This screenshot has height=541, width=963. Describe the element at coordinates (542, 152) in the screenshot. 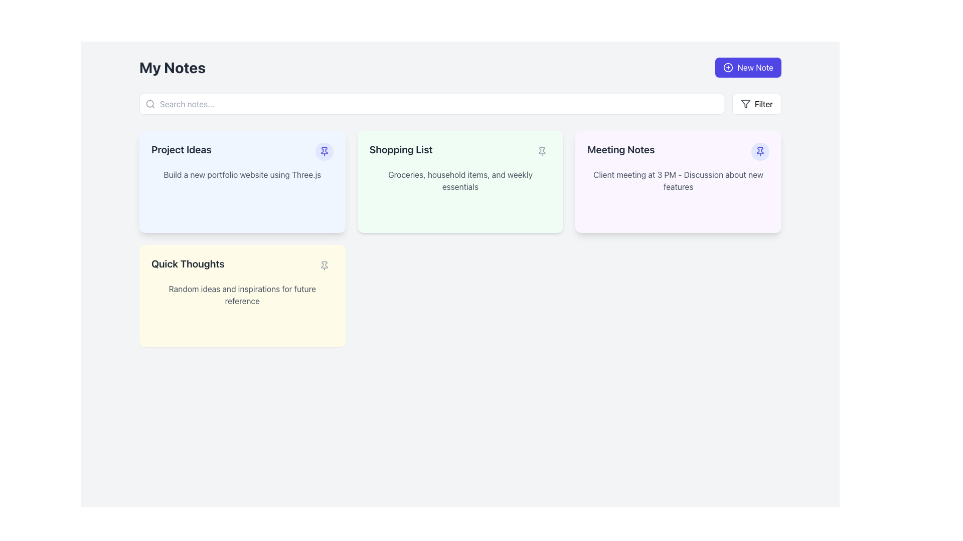

I see `the pin icon button located at the top-right corner of the 'Shopping List' section to trigger a visual effect` at that location.